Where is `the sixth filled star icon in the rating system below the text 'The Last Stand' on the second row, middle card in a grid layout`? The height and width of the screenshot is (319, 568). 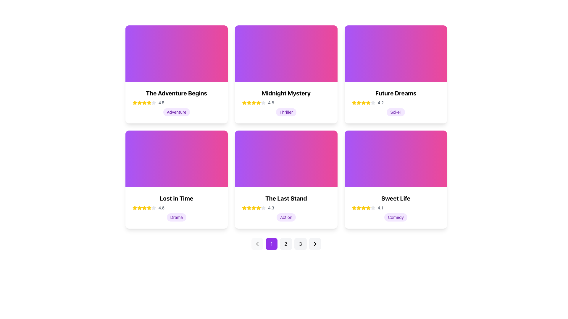 the sixth filled star icon in the rating system below the text 'The Last Stand' on the second row, middle card in a grid layout is located at coordinates (259, 208).